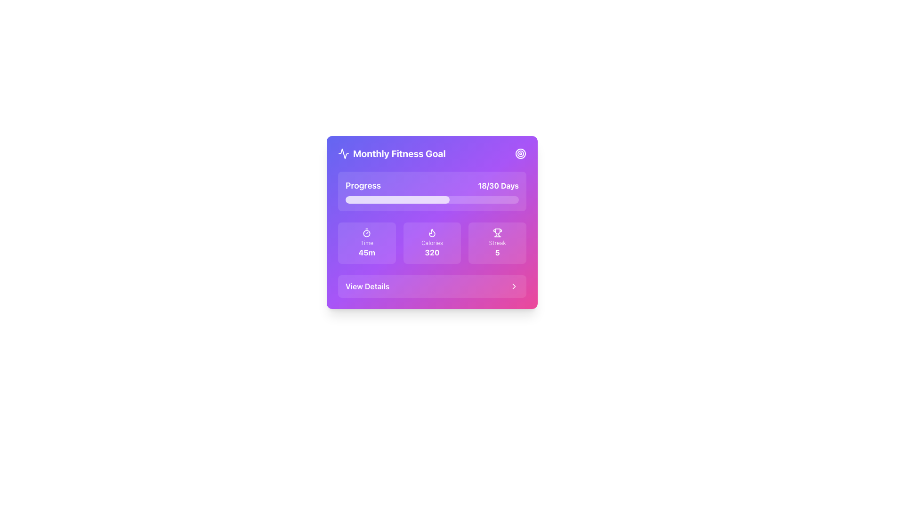 The height and width of the screenshot is (508, 904). Describe the element at coordinates (343, 153) in the screenshot. I see `the white stroke-based activity icon situated to the left of the 'Monthly Fitness Goal' heading text` at that location.